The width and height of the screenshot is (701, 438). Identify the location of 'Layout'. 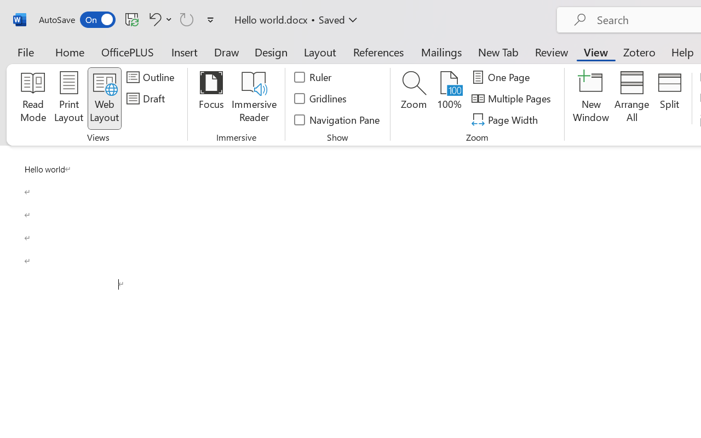
(319, 51).